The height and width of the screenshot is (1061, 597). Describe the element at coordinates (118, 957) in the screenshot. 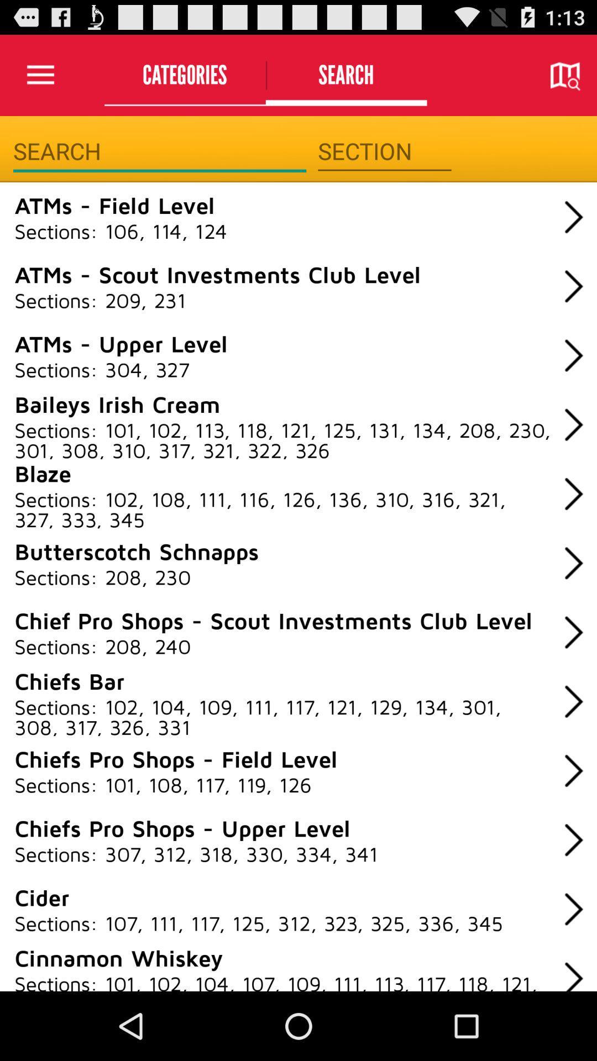

I see `the item below the sections 107 111` at that location.